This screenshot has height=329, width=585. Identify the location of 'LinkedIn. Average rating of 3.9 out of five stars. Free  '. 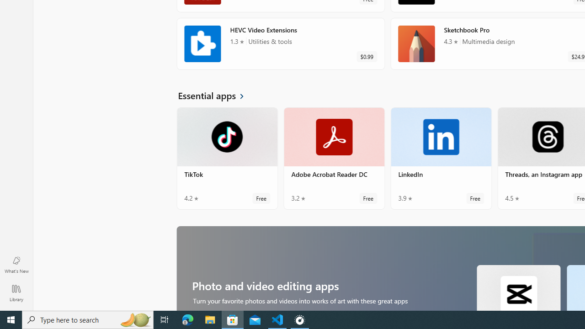
(441, 158).